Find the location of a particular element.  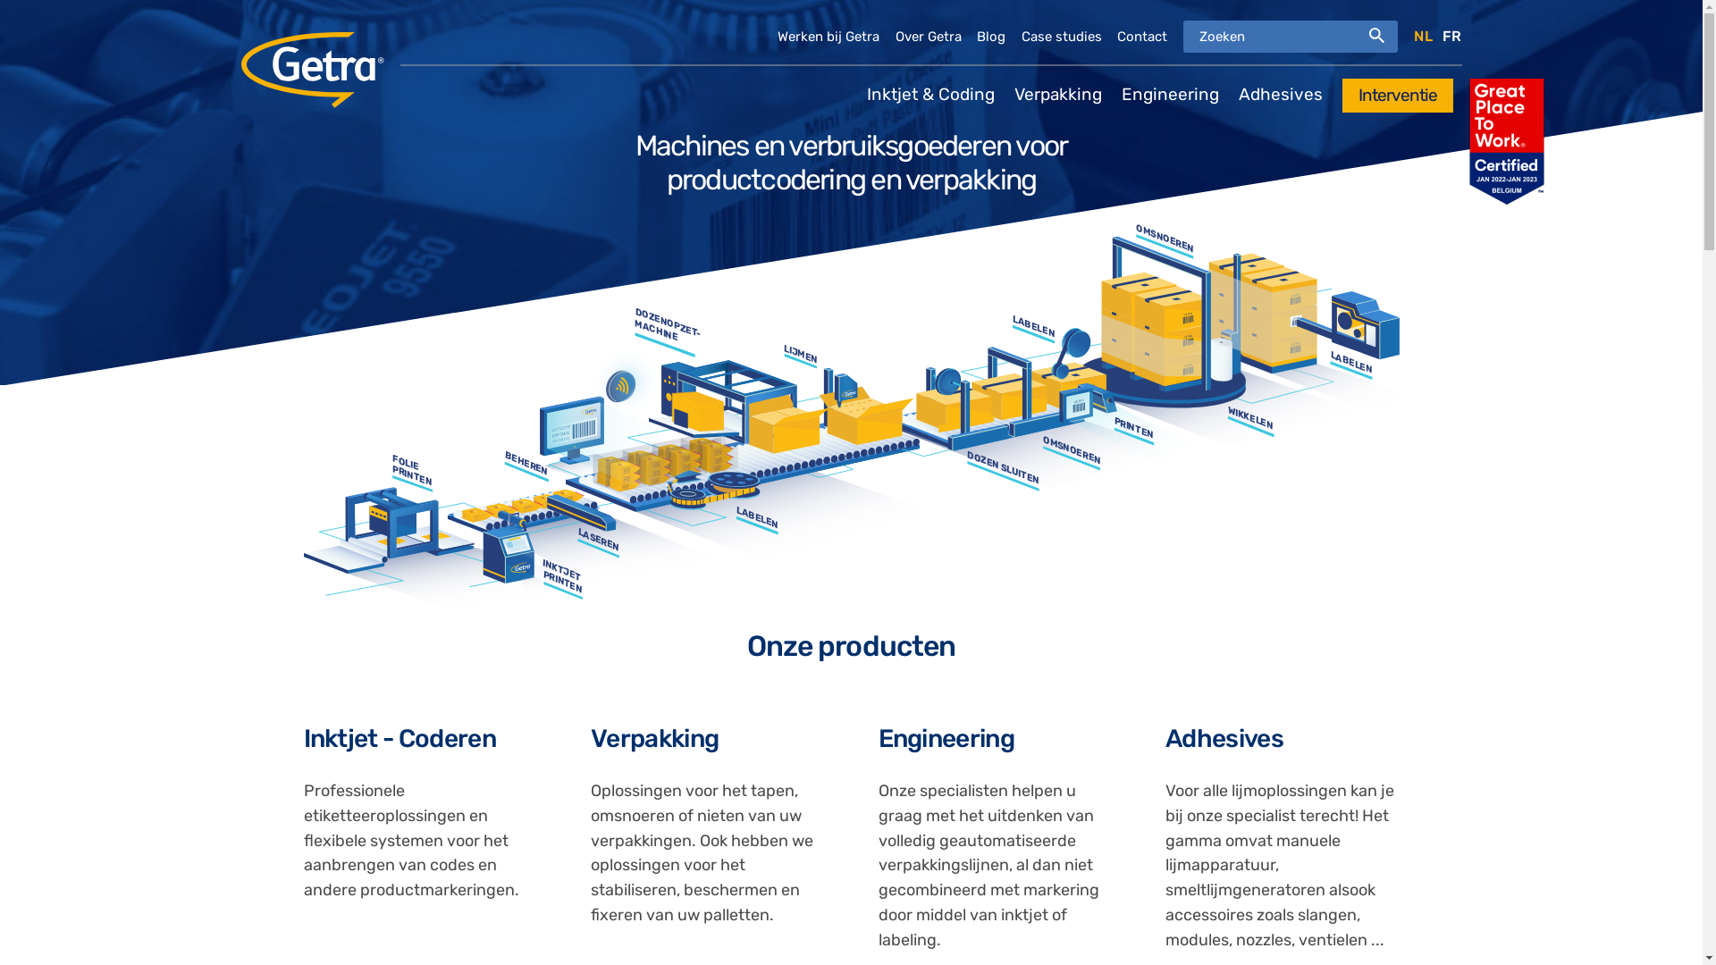

'Case studies' is located at coordinates (1062, 37).